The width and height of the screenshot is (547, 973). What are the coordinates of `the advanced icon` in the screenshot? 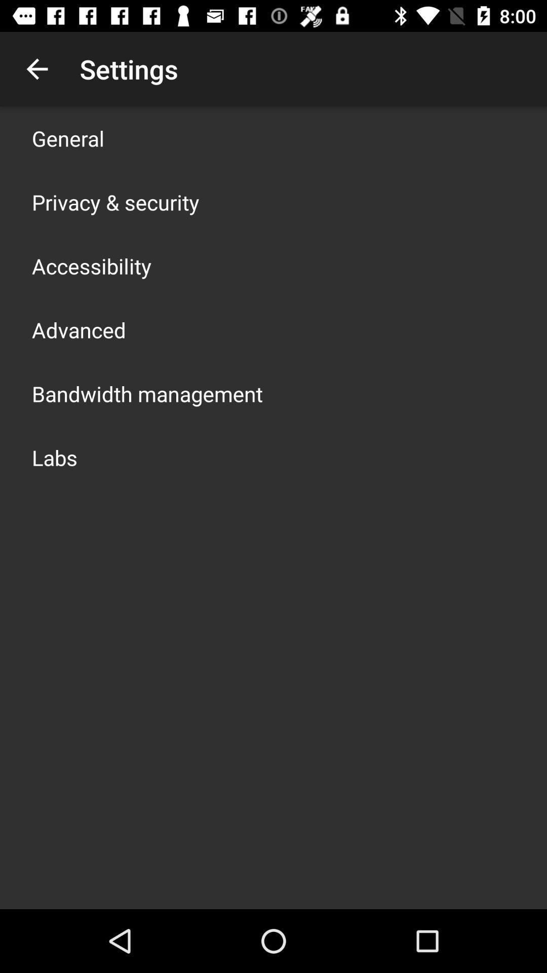 It's located at (78, 330).